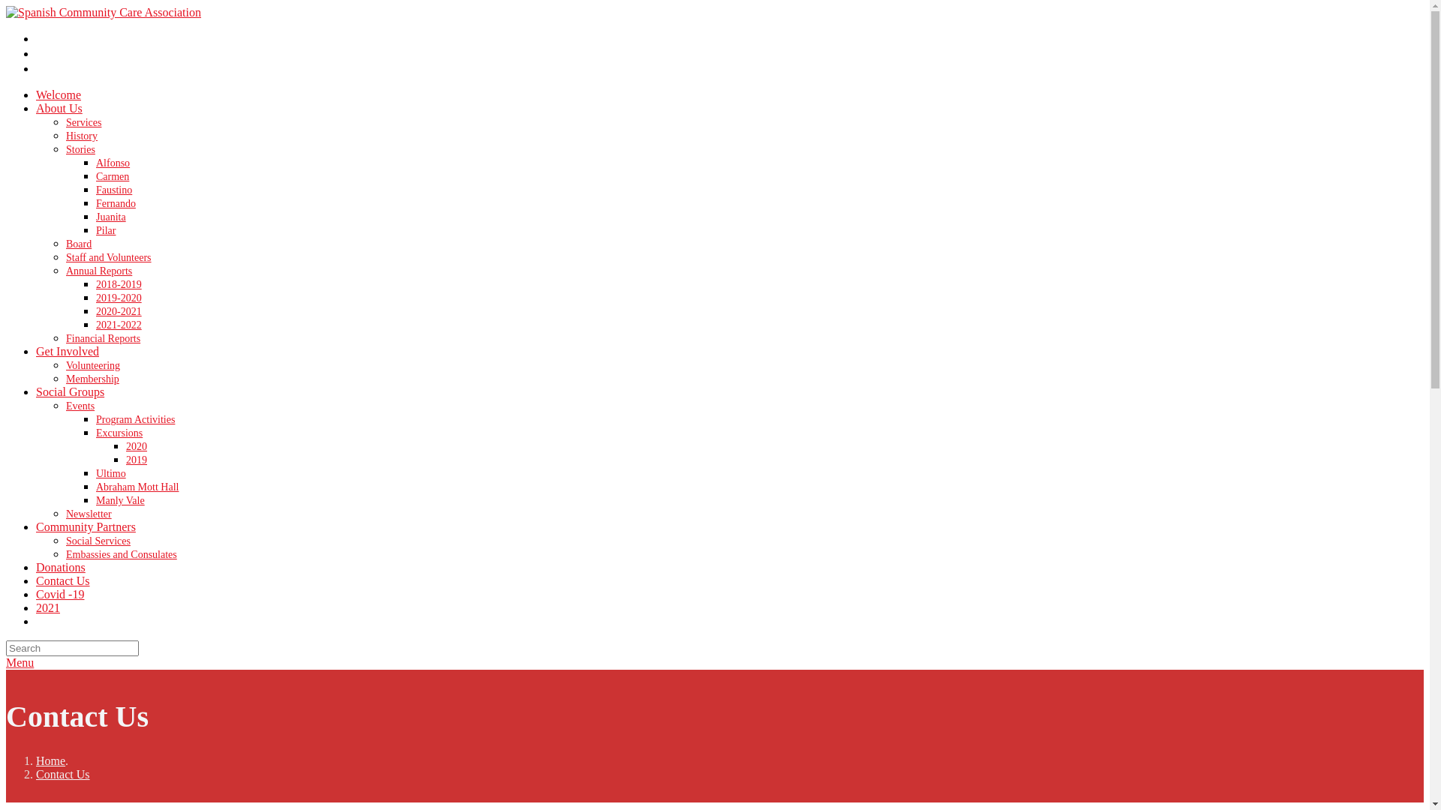 The width and height of the screenshot is (1441, 810). What do you see at coordinates (92, 378) in the screenshot?
I see `'Membership'` at bounding box center [92, 378].